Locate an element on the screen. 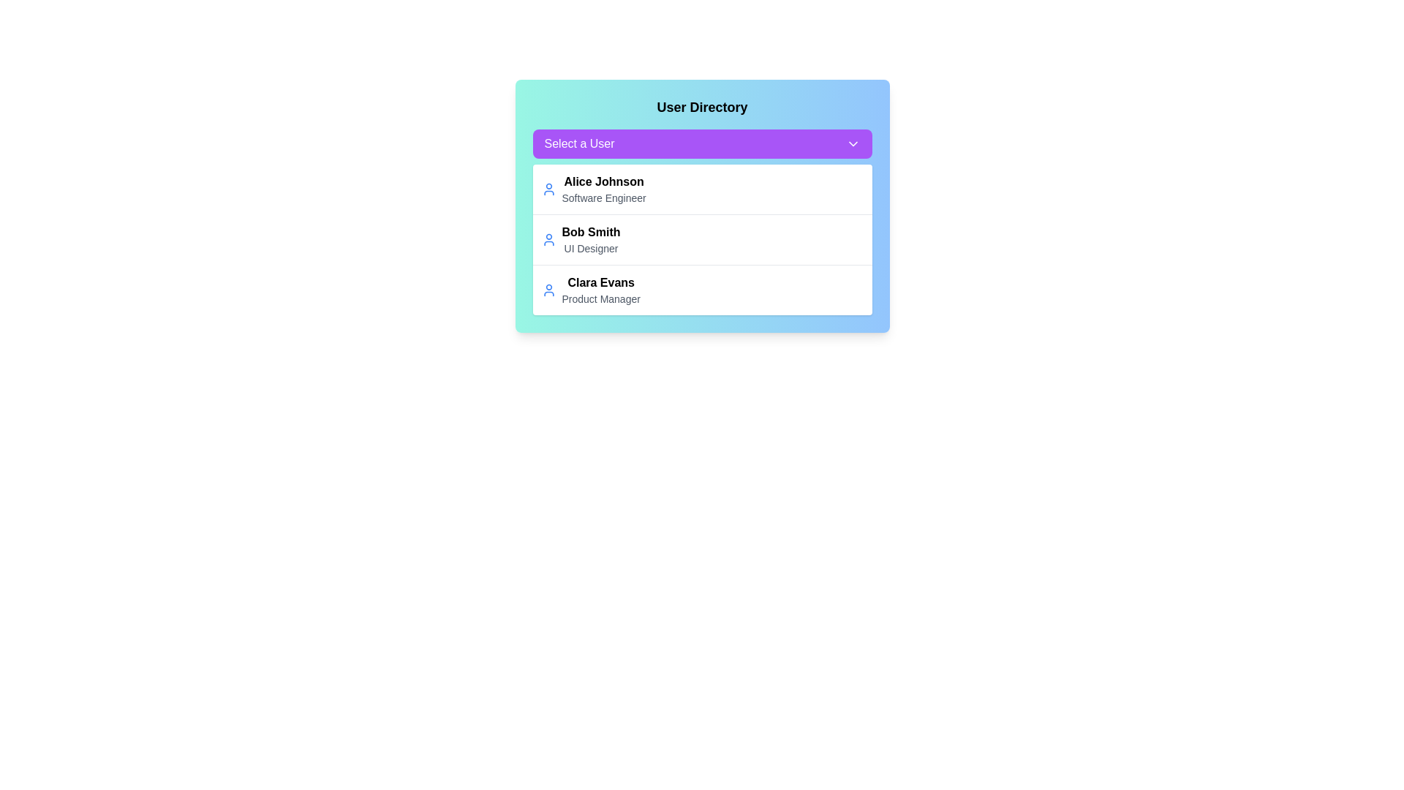 This screenshot has height=790, width=1404. the text display showing 'Bob Smith', which is the second item in the 'Select a User' dropdown under the 'User Directory' card is located at coordinates (591, 231).